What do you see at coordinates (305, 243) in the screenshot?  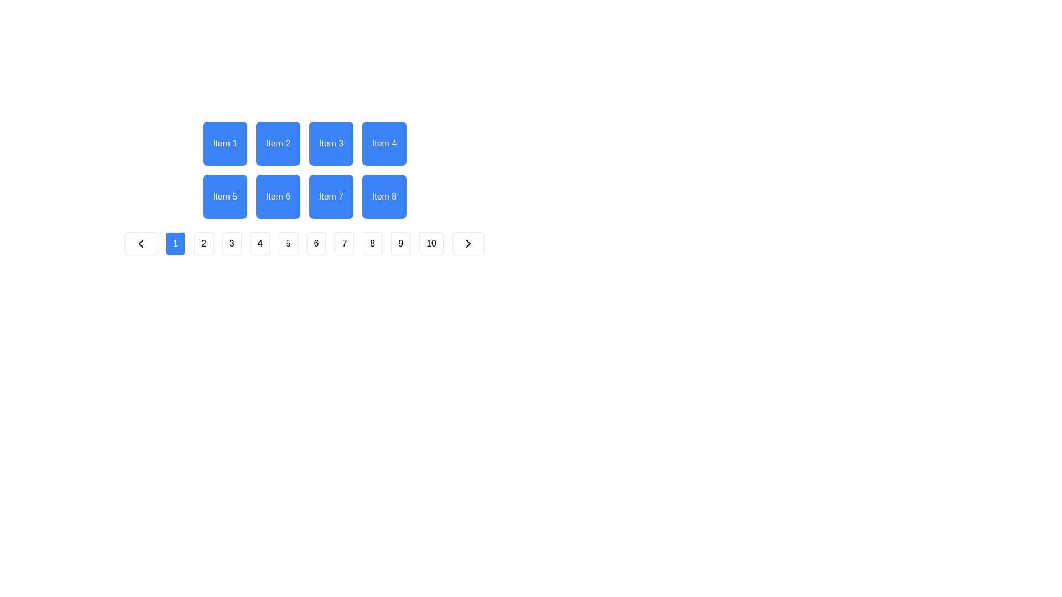 I see `the sixth numeric button in the pagination control` at bounding box center [305, 243].